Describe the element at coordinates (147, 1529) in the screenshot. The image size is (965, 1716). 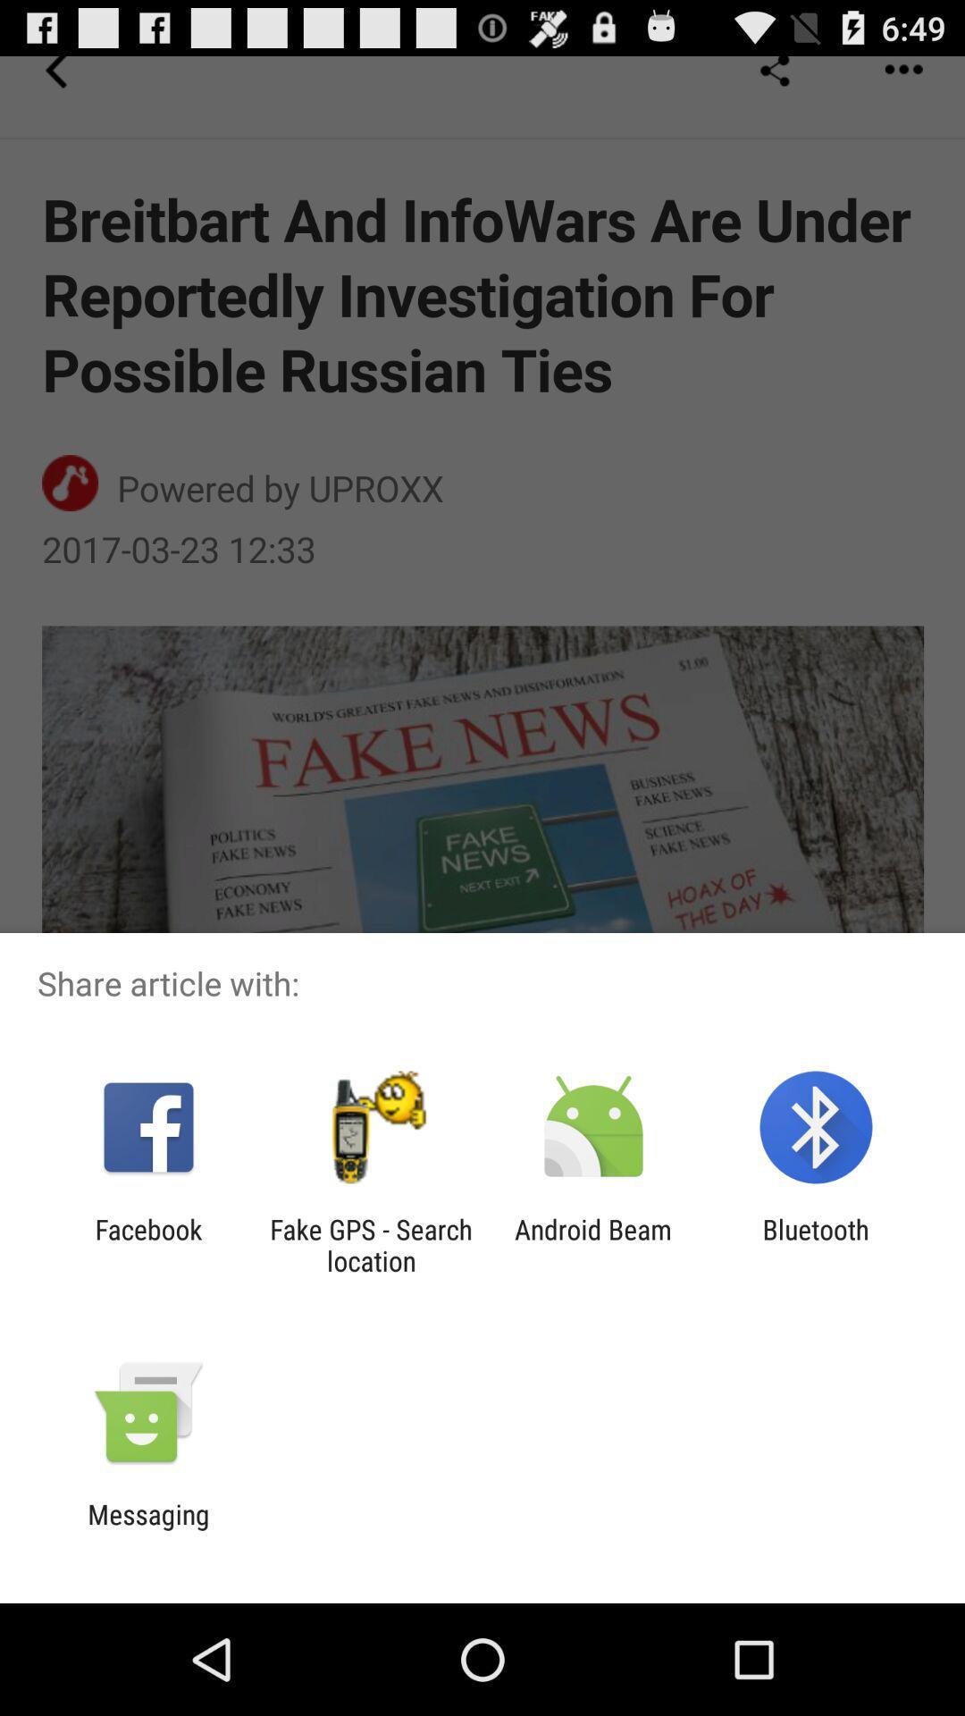
I see `the messaging icon` at that location.